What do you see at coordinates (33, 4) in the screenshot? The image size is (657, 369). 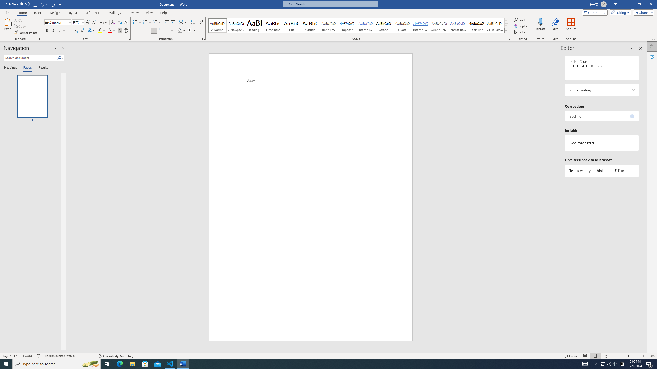 I see `'Quick Access Toolbar'` at bounding box center [33, 4].